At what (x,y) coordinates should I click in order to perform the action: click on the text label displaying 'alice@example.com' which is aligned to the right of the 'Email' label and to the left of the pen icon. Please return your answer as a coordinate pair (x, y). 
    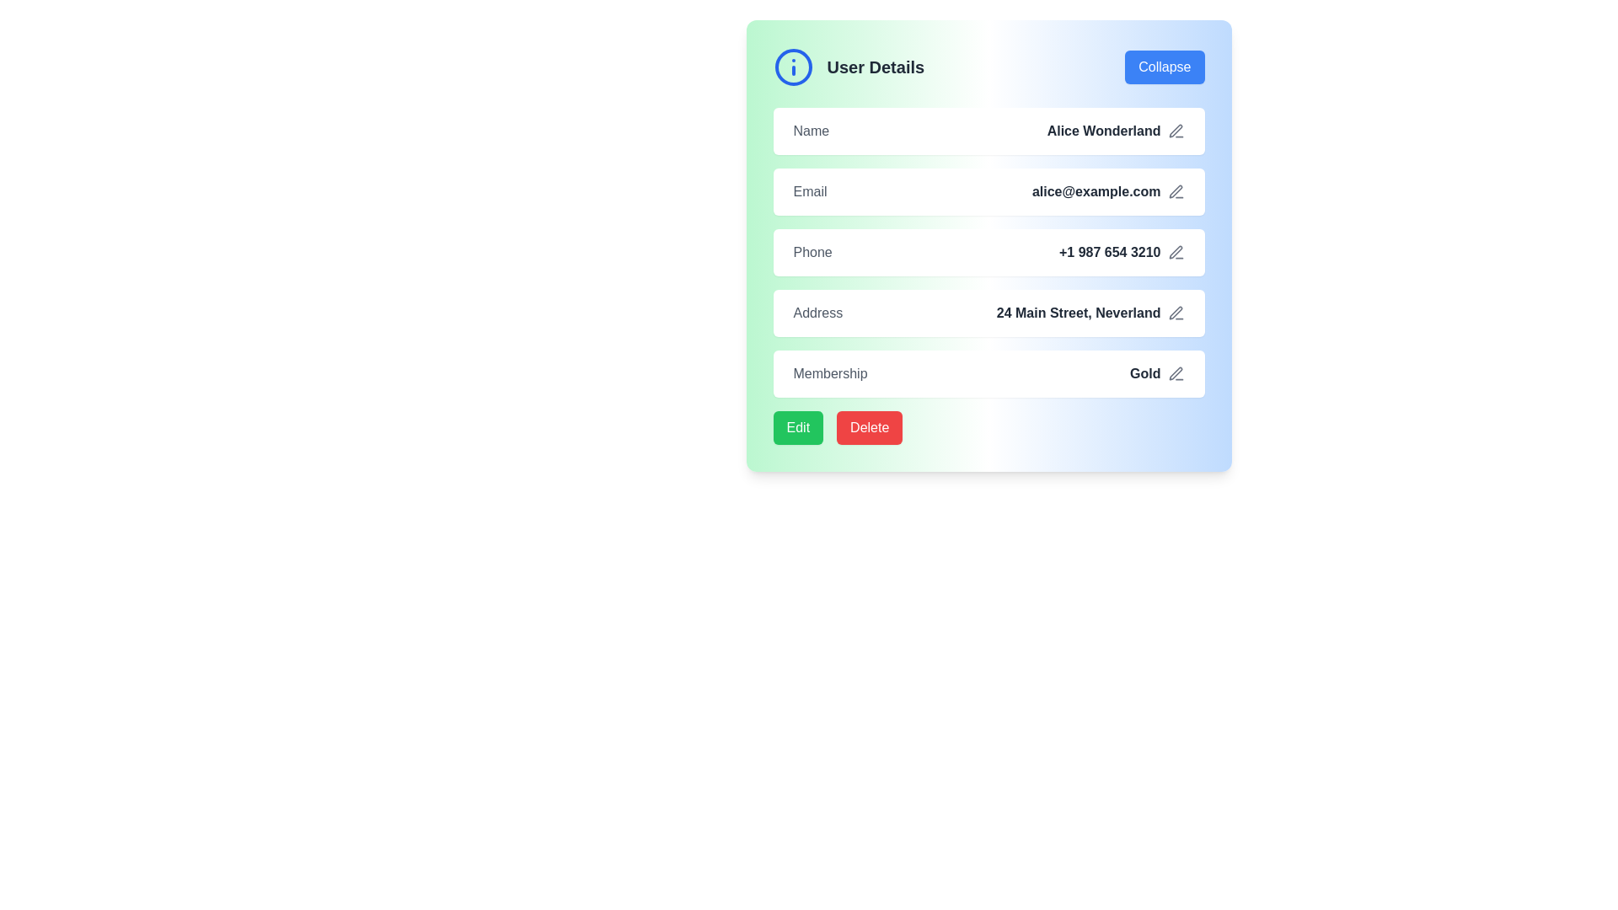
    Looking at the image, I should click on (1108, 190).